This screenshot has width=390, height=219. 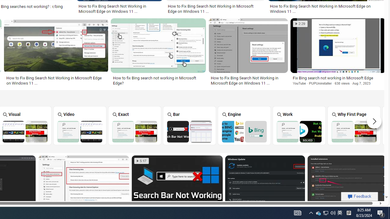 What do you see at coordinates (300, 23) in the screenshot?
I see `'2:29'` at bounding box center [300, 23].